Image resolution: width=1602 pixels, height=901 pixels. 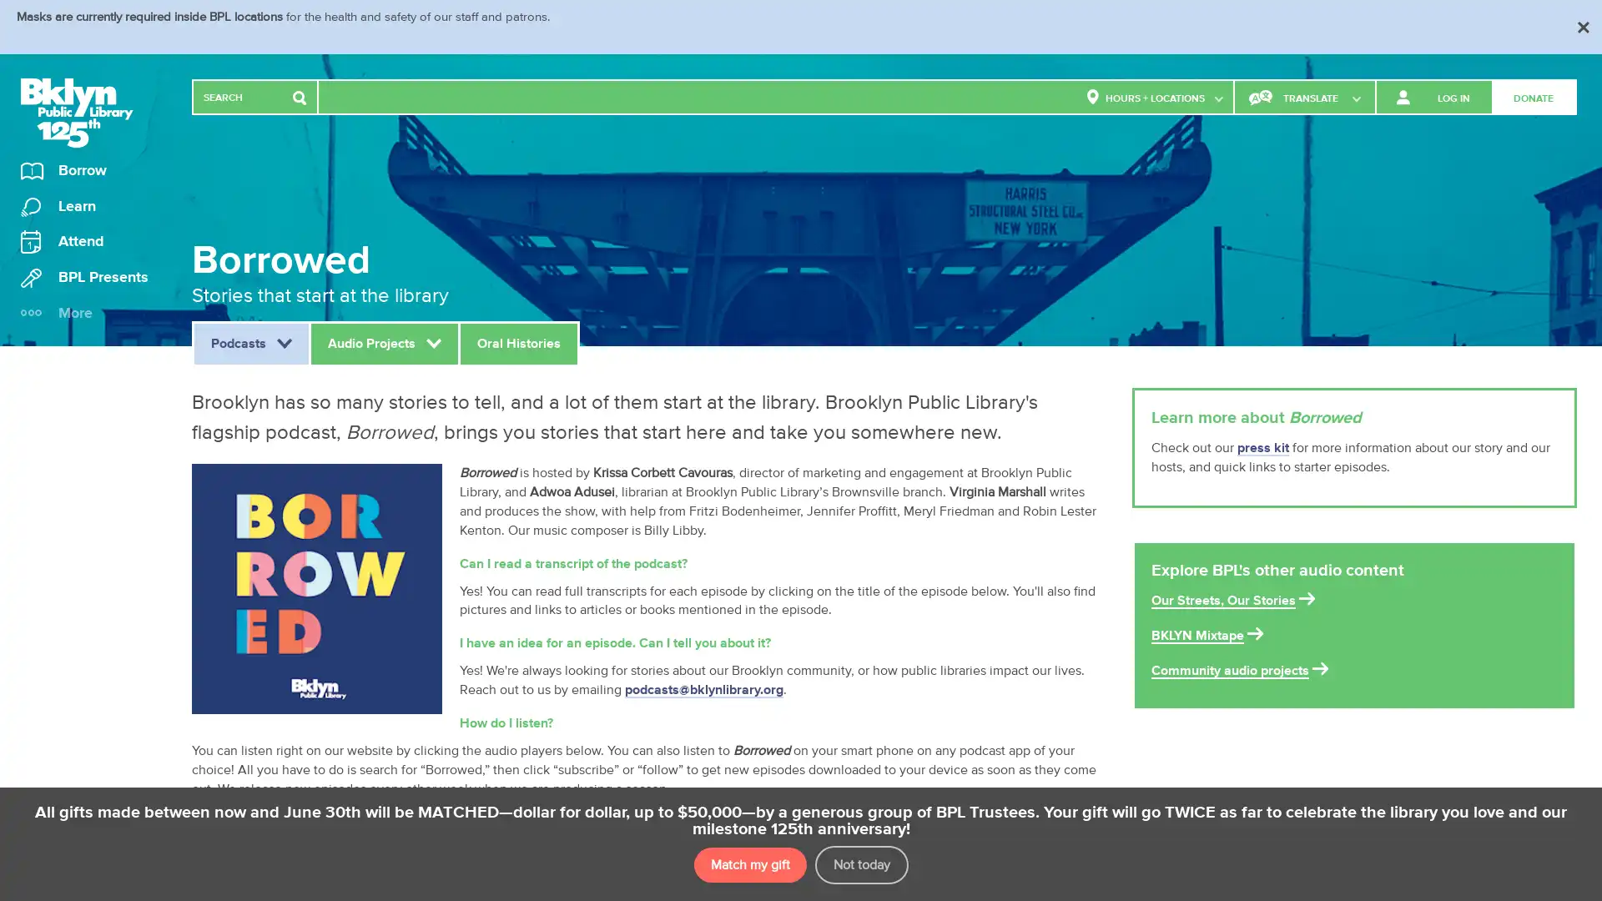 What do you see at coordinates (861, 864) in the screenshot?
I see `Not today` at bounding box center [861, 864].